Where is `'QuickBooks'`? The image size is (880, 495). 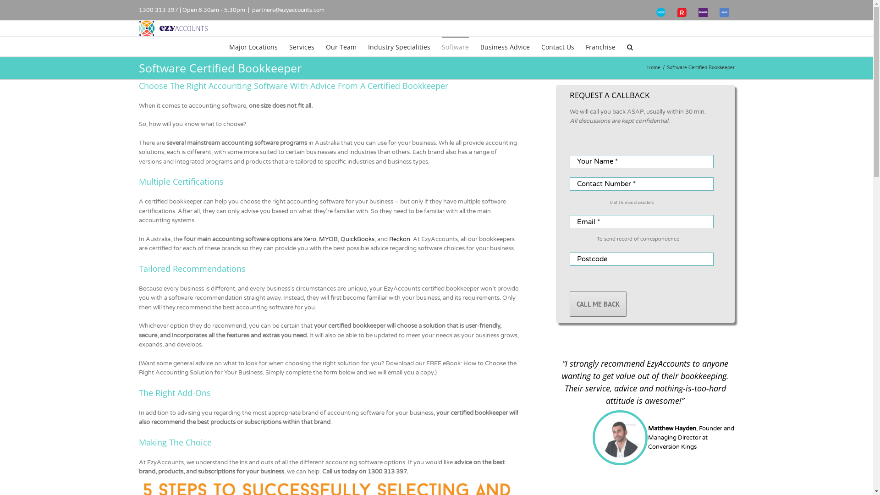
'QuickBooks' is located at coordinates (356, 238).